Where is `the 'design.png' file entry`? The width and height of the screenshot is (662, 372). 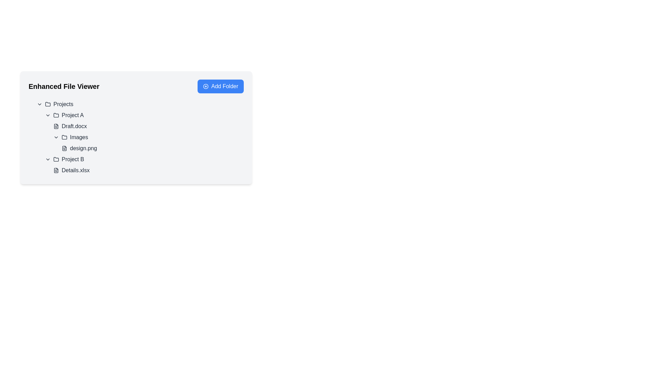 the 'design.png' file entry is located at coordinates (148, 148).